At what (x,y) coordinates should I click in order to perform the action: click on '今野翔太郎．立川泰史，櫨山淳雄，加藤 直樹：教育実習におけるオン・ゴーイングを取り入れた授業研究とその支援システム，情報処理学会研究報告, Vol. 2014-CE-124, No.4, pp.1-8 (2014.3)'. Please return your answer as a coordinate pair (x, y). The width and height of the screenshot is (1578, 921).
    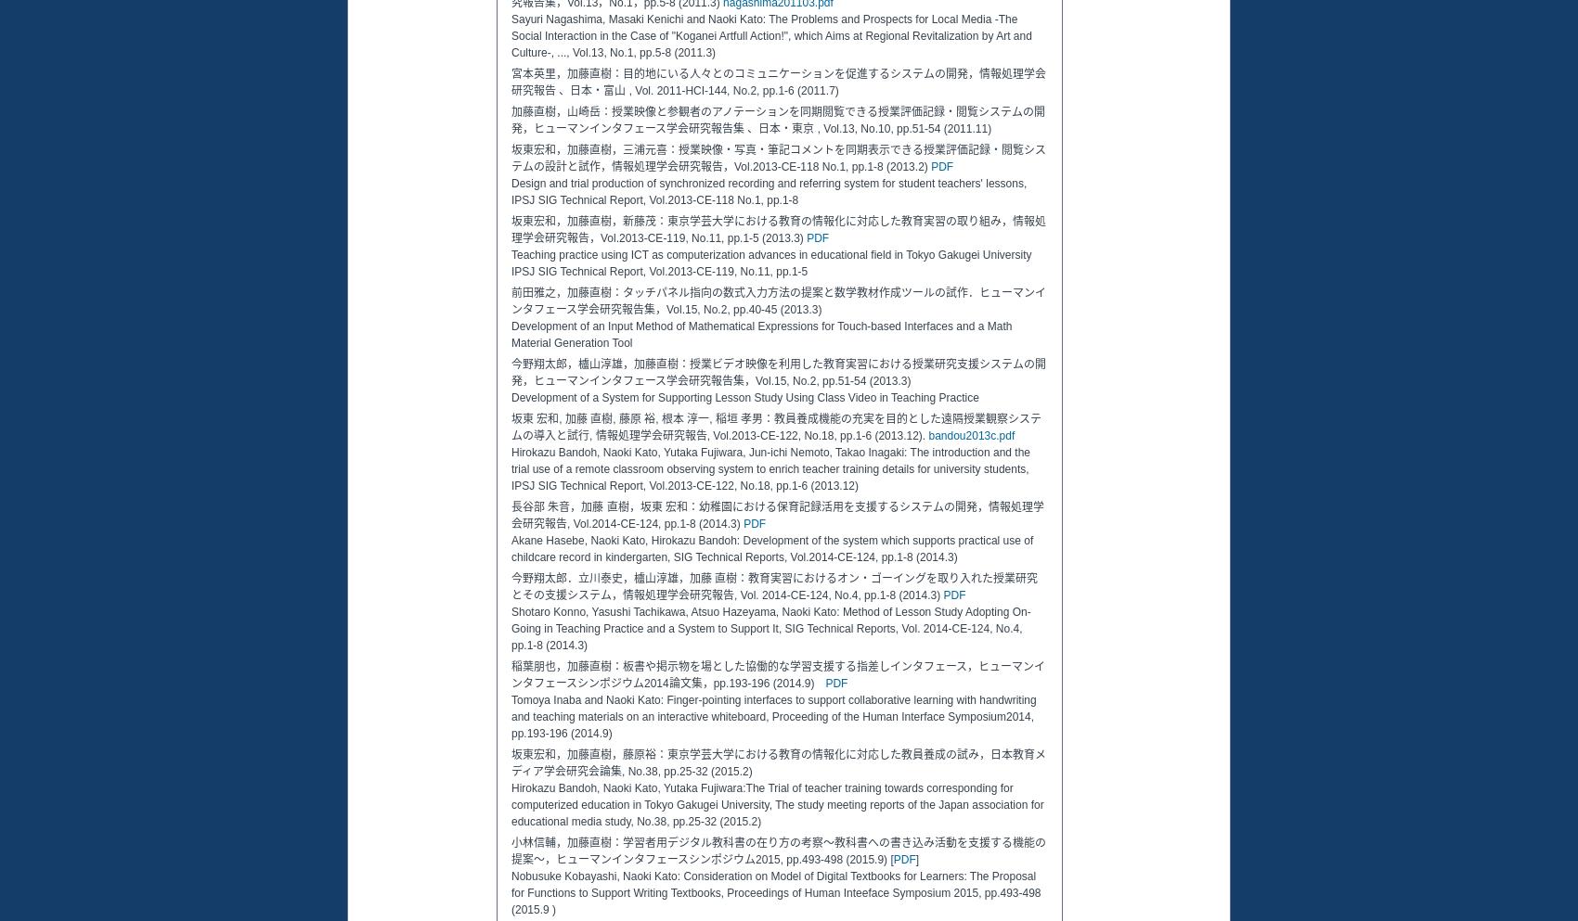
    Looking at the image, I should click on (510, 586).